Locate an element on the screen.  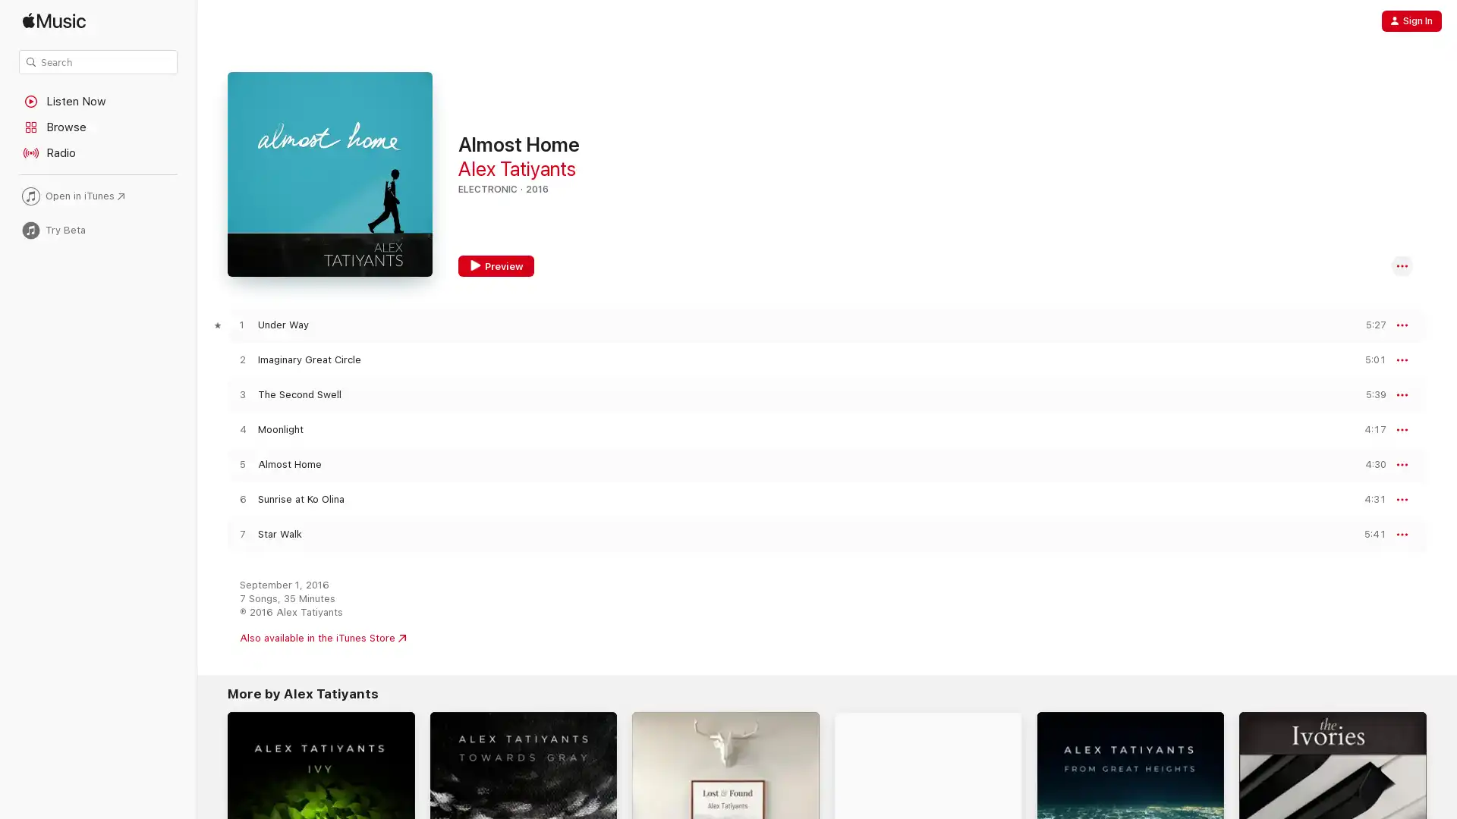
More is located at coordinates (1402, 500).